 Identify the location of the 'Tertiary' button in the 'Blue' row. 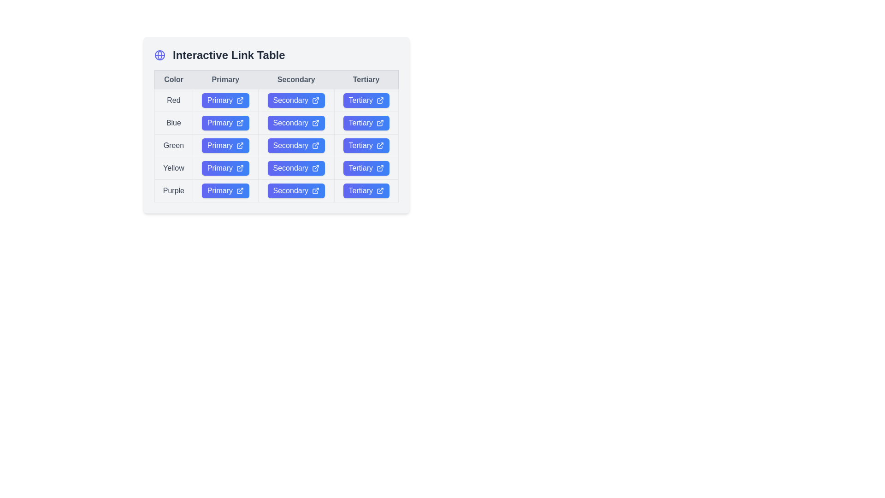
(380, 122).